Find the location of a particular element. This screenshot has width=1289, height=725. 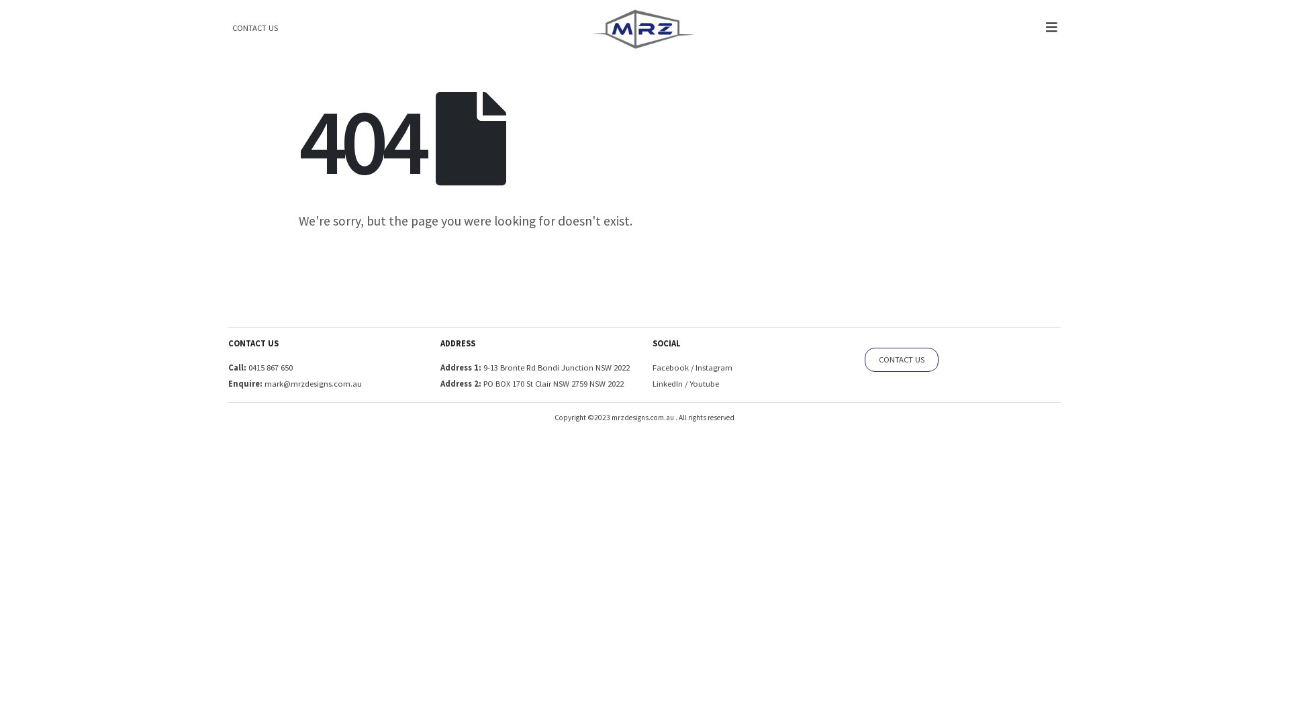

'Instagram' is located at coordinates (713, 367).